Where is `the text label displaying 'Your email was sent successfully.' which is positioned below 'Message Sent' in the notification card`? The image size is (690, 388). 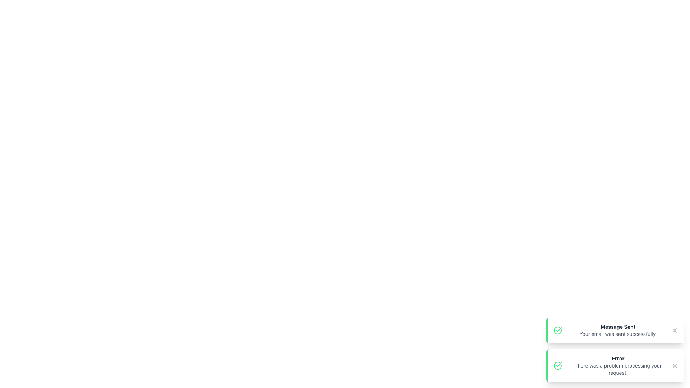 the text label displaying 'Your email was sent successfully.' which is positioned below 'Message Sent' in the notification card is located at coordinates (617, 334).